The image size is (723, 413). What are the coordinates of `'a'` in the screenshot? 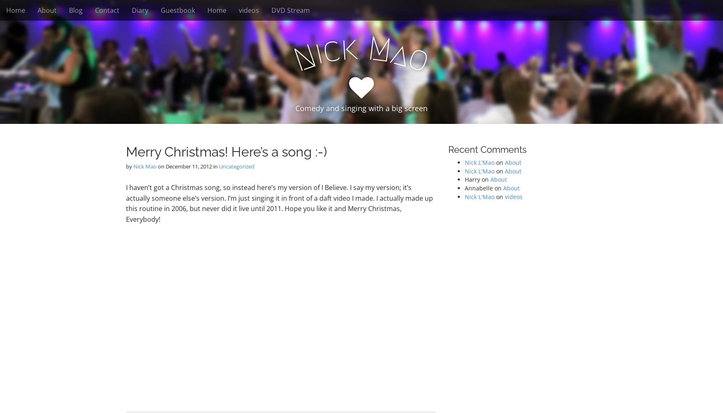 It's located at (400, 53).